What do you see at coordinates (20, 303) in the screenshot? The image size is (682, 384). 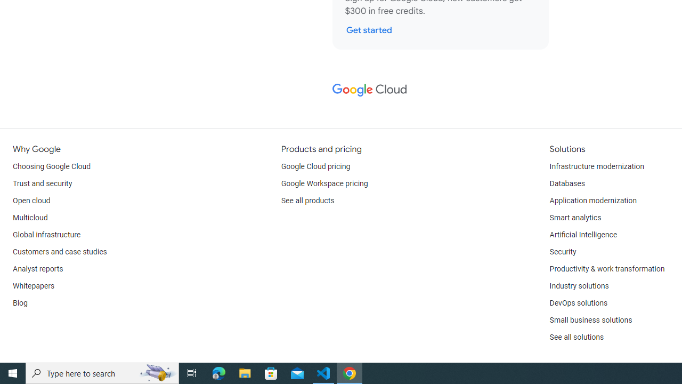 I see `'Blog'` at bounding box center [20, 303].